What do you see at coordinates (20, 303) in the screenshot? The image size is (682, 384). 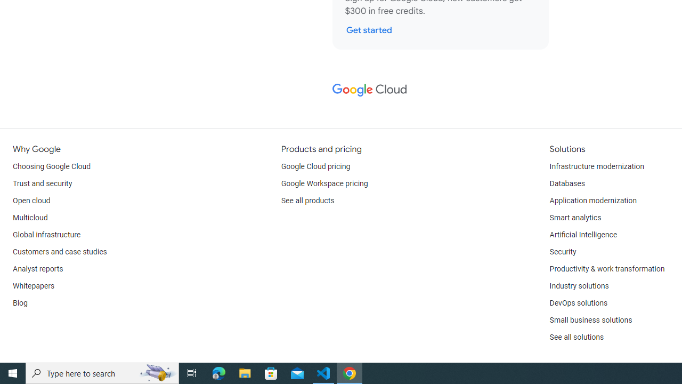 I see `'Blog'` at bounding box center [20, 303].